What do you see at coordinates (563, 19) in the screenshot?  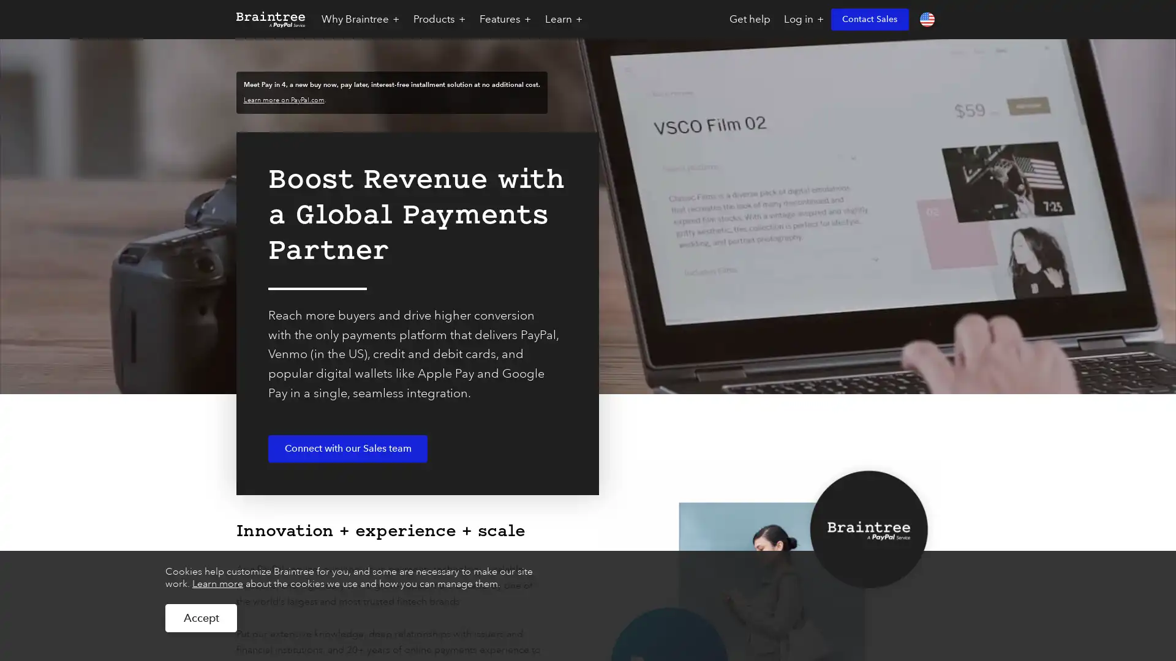 I see `Learn menu` at bounding box center [563, 19].